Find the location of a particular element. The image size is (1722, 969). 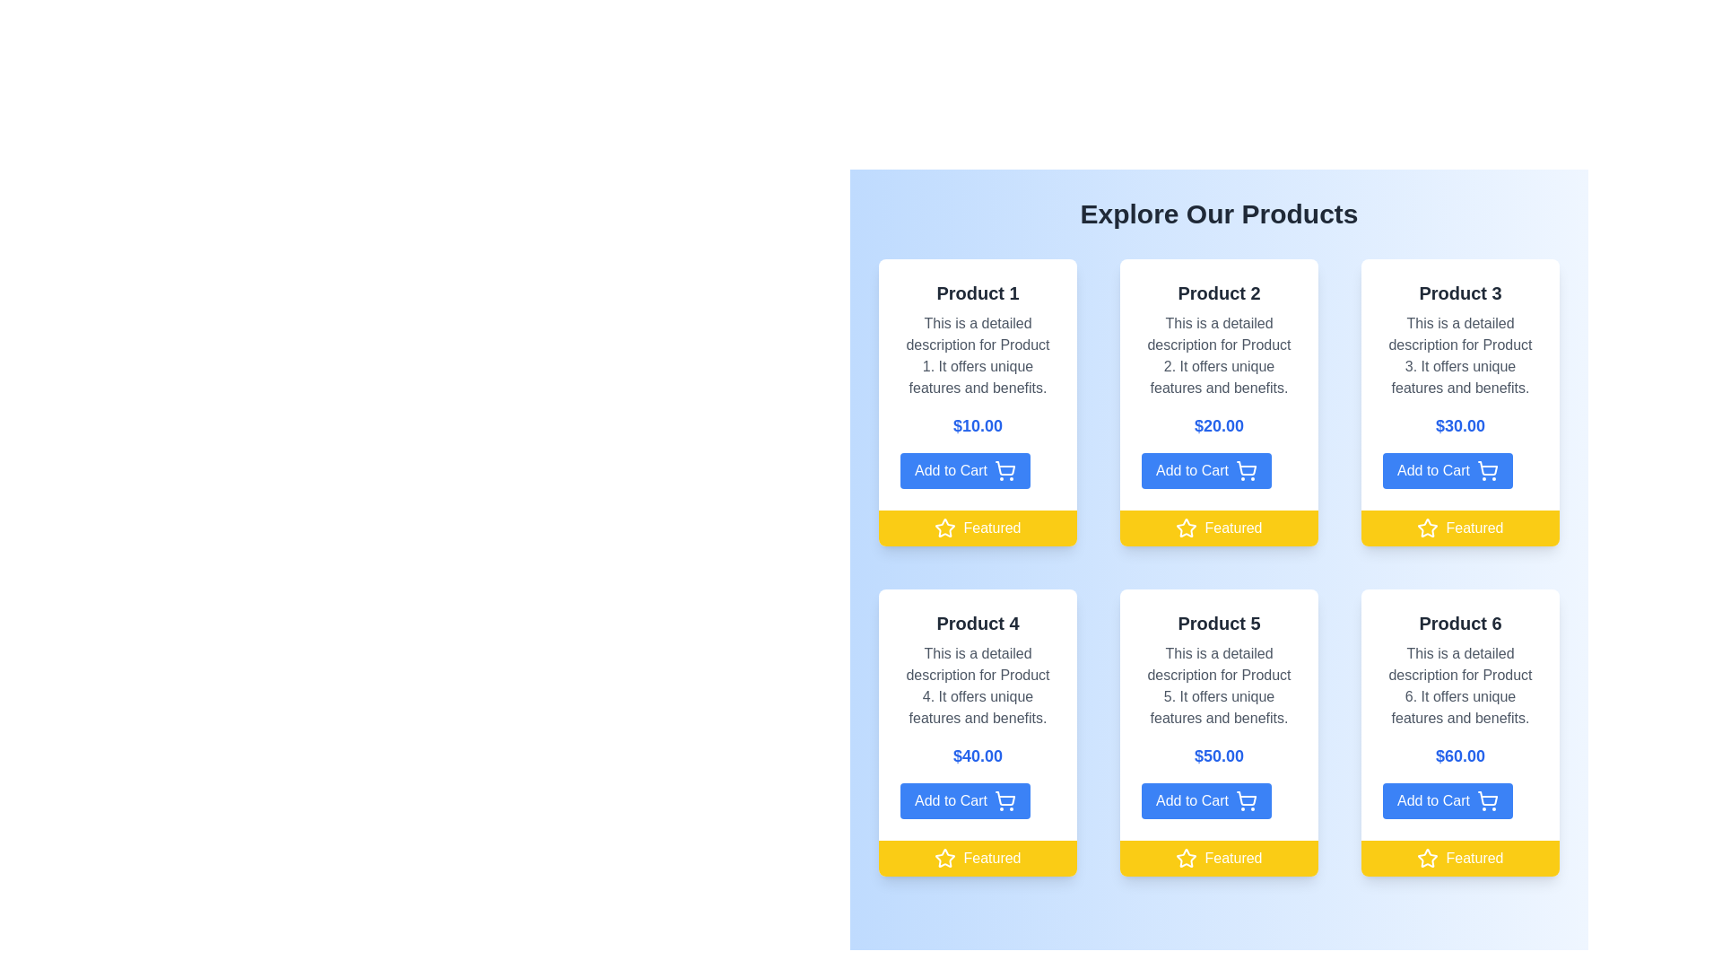

the shopping cart icon located inside the 'Add to Cart' button for 'Product 3' in the top-right section is located at coordinates (1488, 467).